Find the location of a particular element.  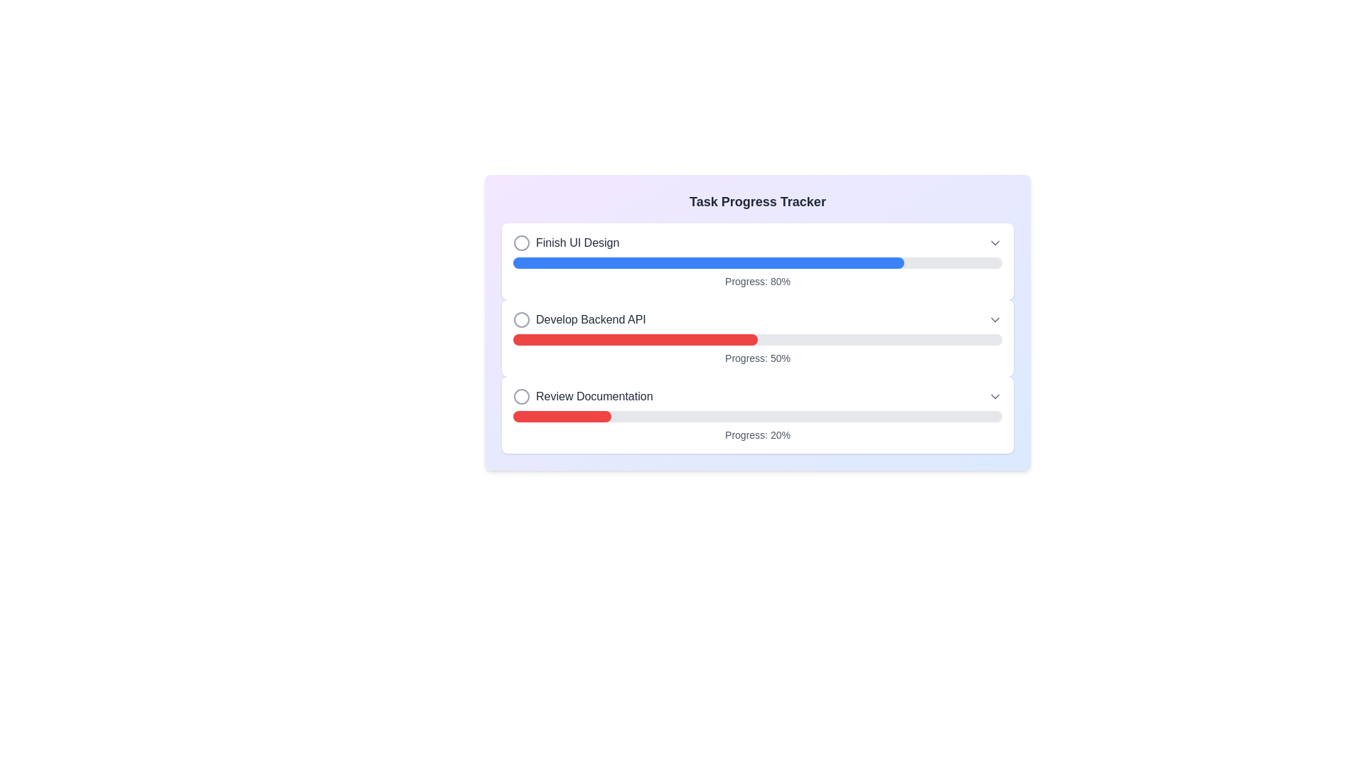

the horizontal progress bar indicating 20% progress for the task titled 'Review Documentation.' is located at coordinates (756, 416).